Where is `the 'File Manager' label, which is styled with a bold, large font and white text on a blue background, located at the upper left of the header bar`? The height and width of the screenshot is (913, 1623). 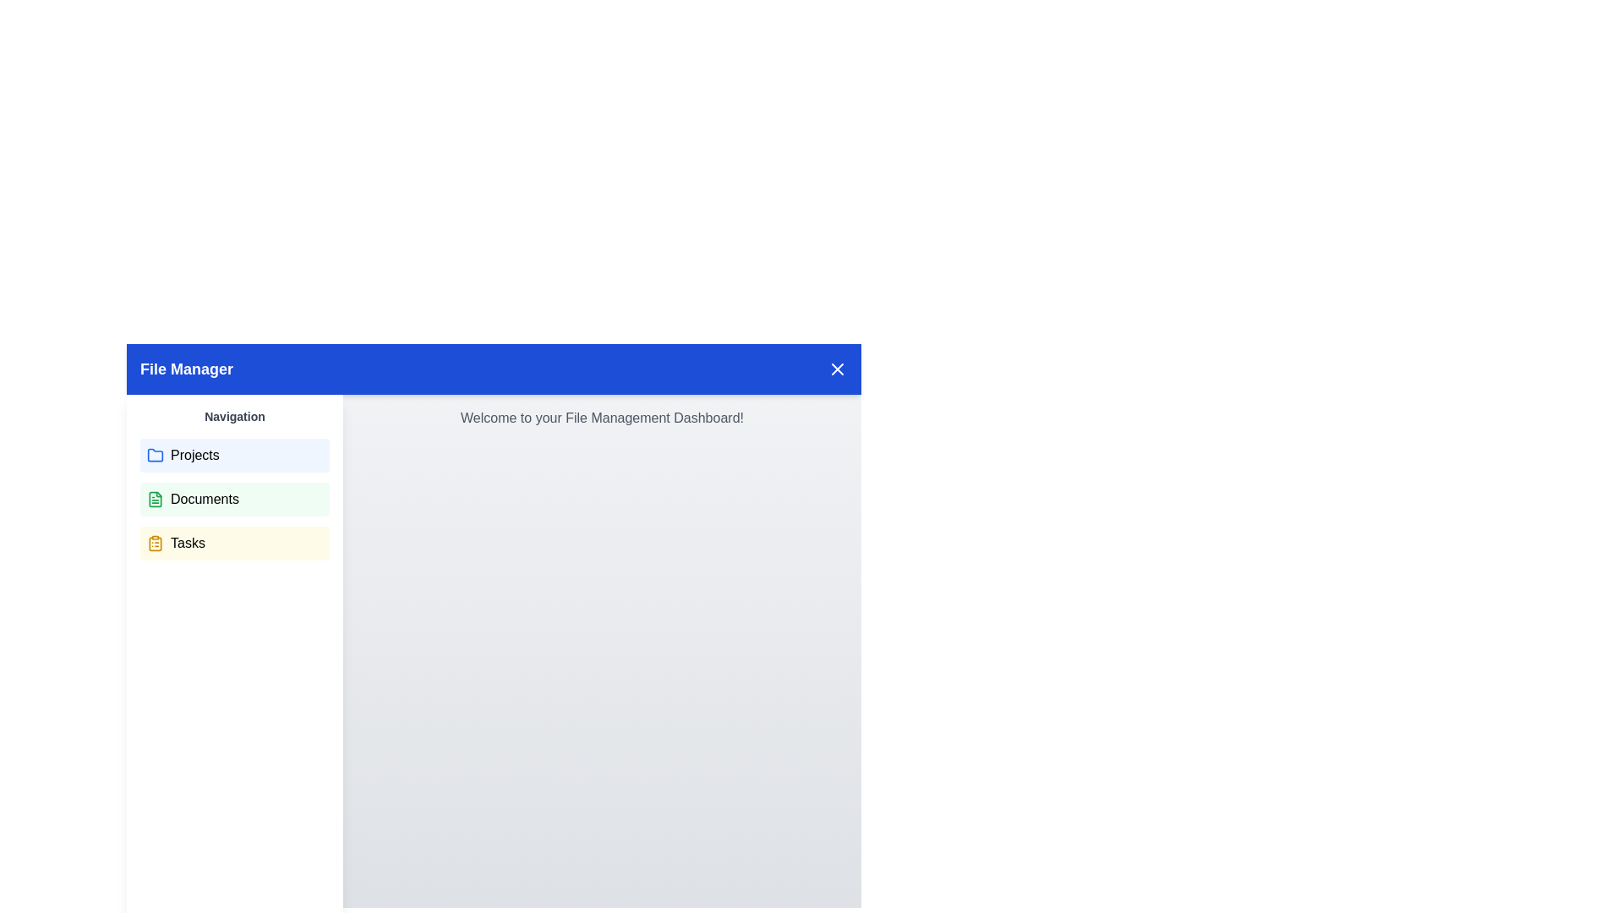
the 'File Manager' label, which is styled with a bold, large font and white text on a blue background, located at the upper left of the header bar is located at coordinates (186, 368).